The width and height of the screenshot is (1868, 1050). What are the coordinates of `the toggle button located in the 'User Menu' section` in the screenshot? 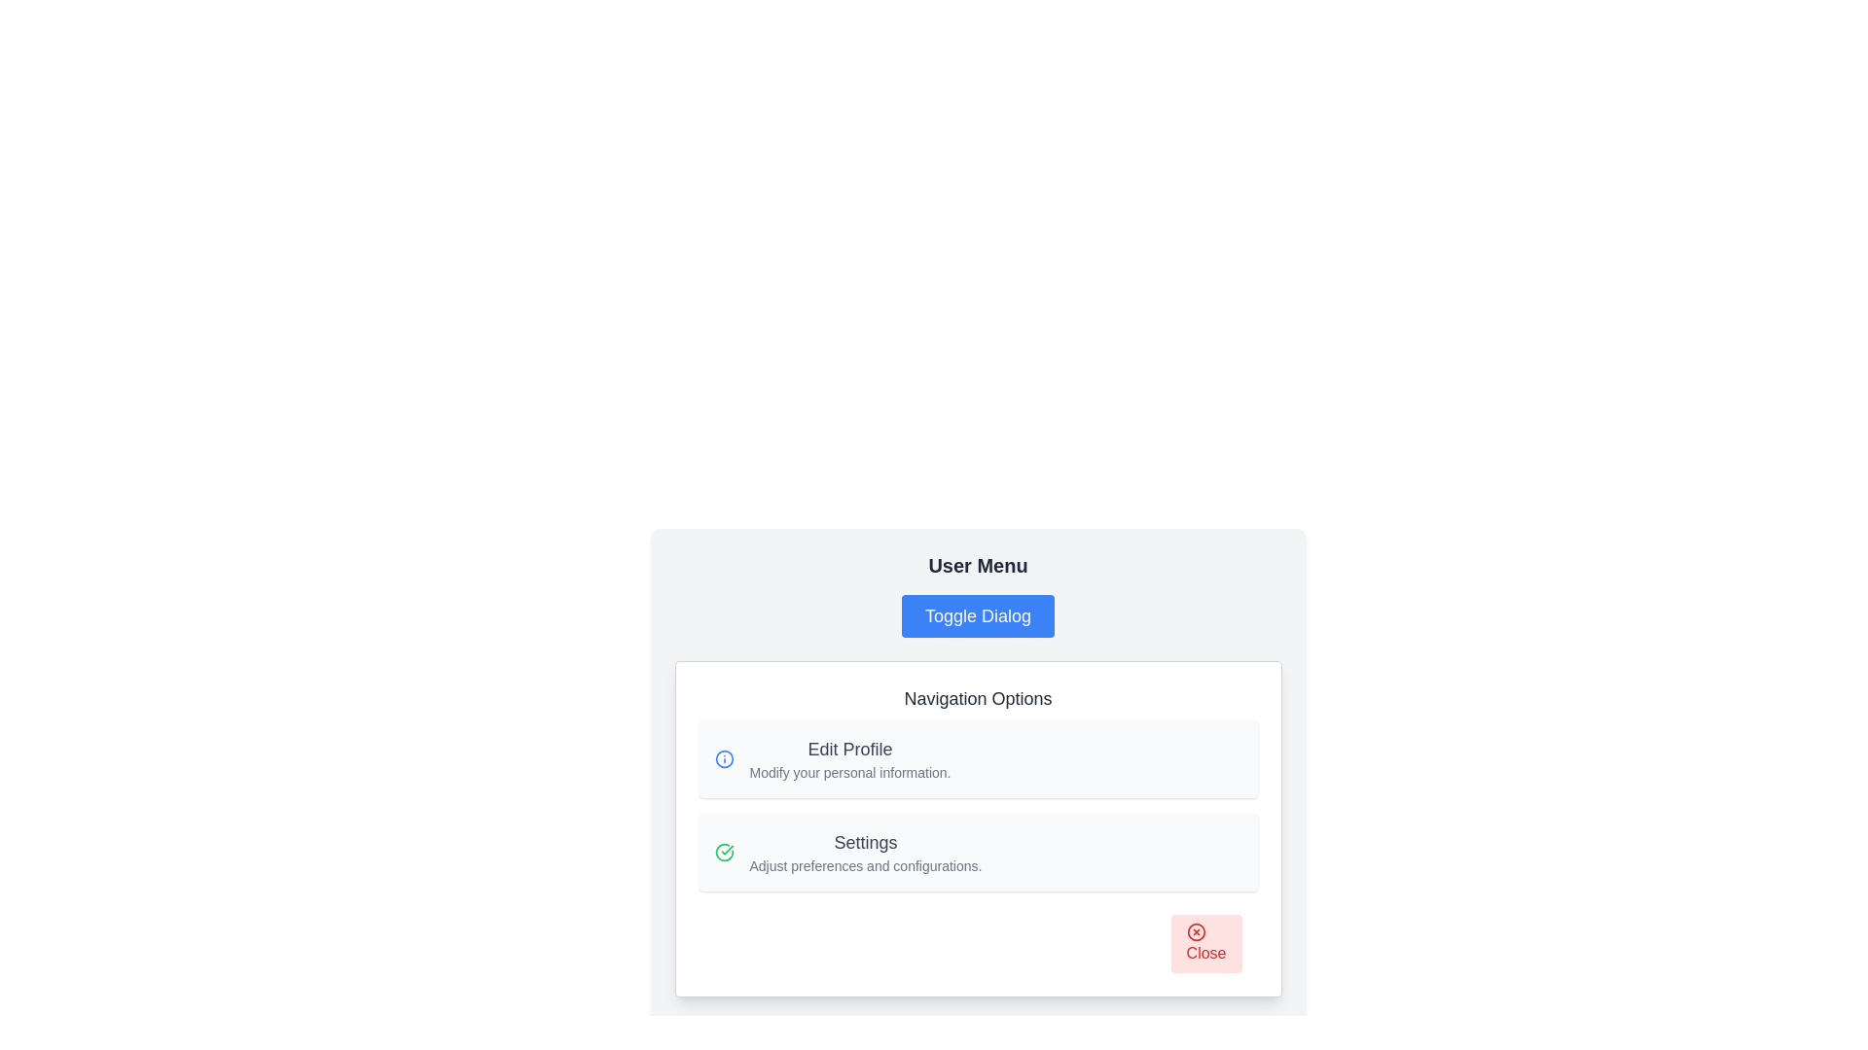 It's located at (978, 615).